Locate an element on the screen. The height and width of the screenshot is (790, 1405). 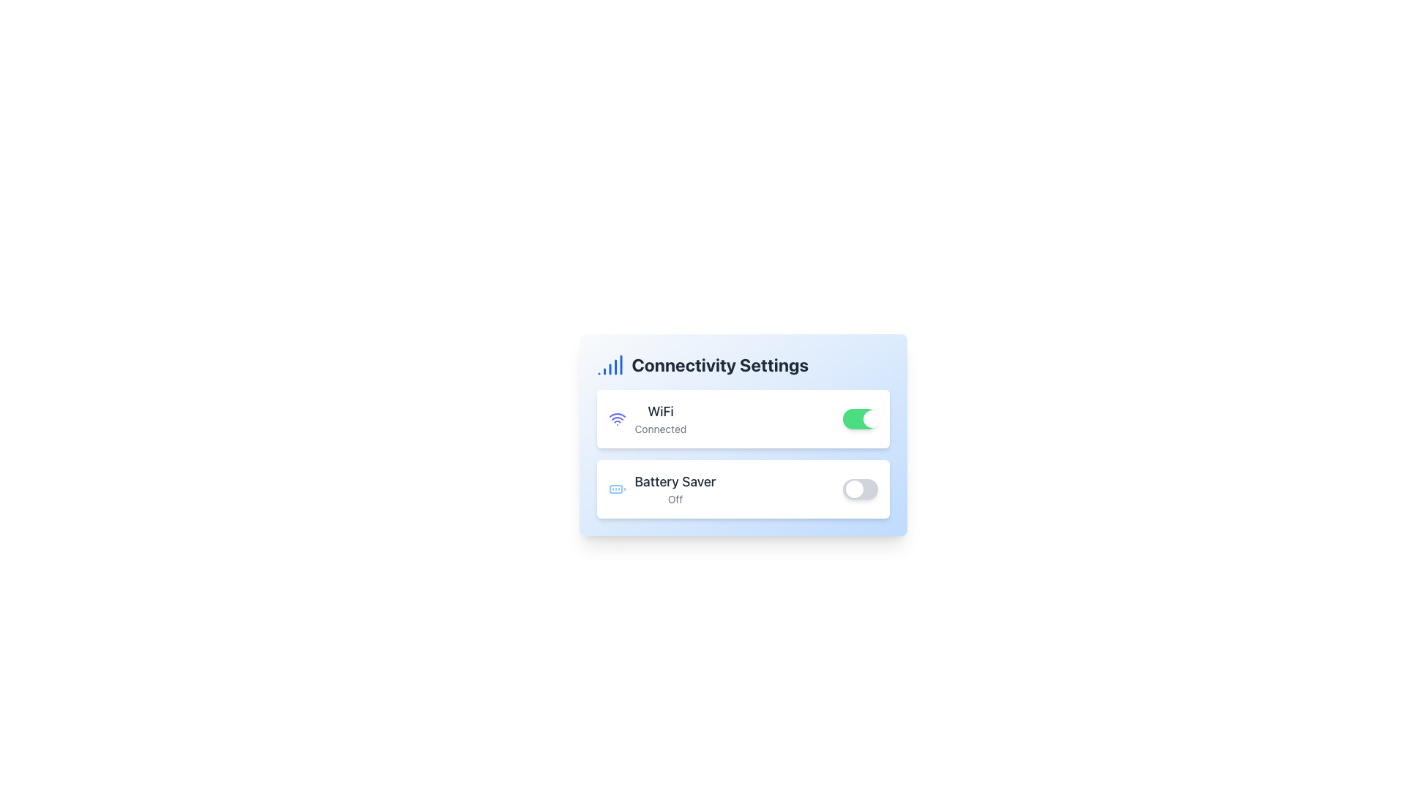
the Battery Saver setting toggle component, located below the 'WiFi Connected' section in the 'Connectivity Settings' panel is located at coordinates (743, 489).